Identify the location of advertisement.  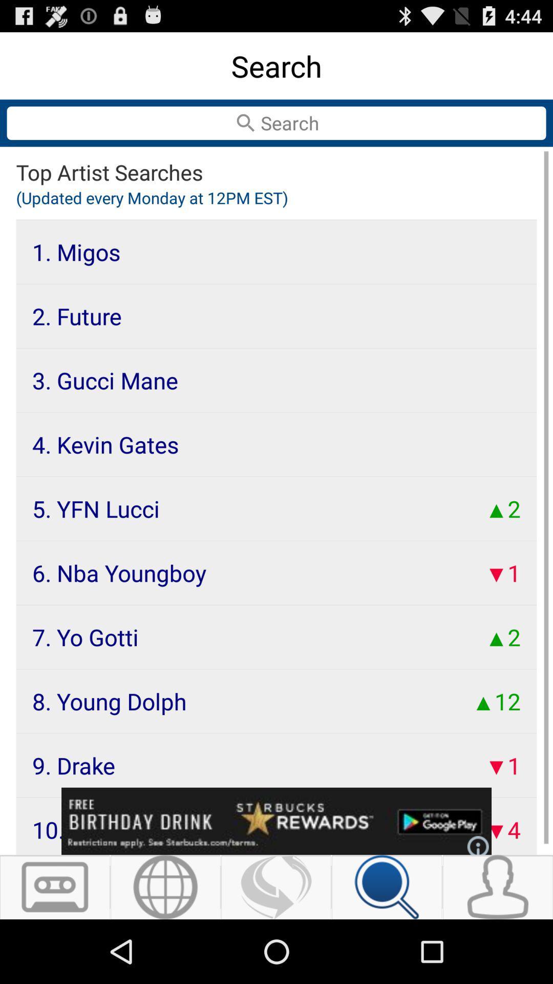
(276, 821).